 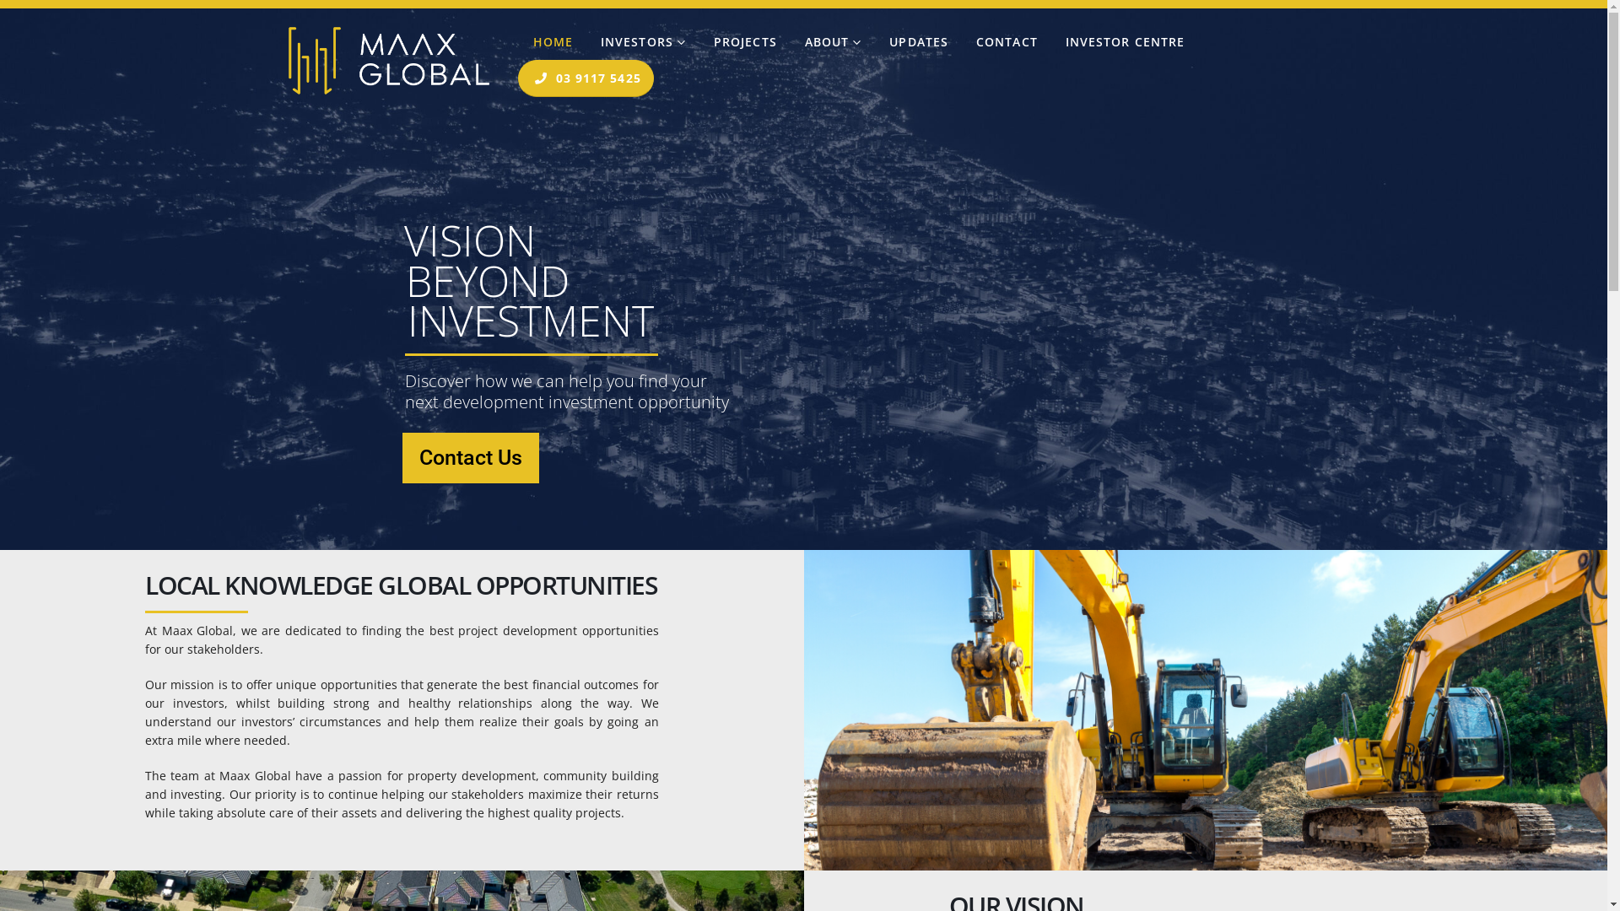 What do you see at coordinates (915, 41) in the screenshot?
I see `'UPDATES'` at bounding box center [915, 41].